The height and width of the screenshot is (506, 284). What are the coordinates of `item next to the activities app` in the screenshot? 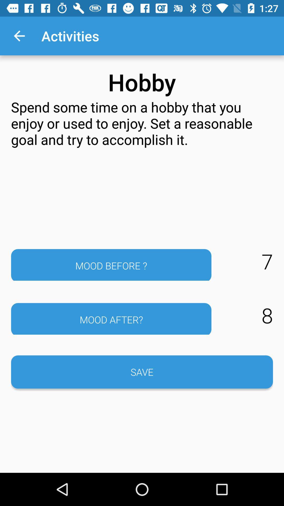 It's located at (19, 36).